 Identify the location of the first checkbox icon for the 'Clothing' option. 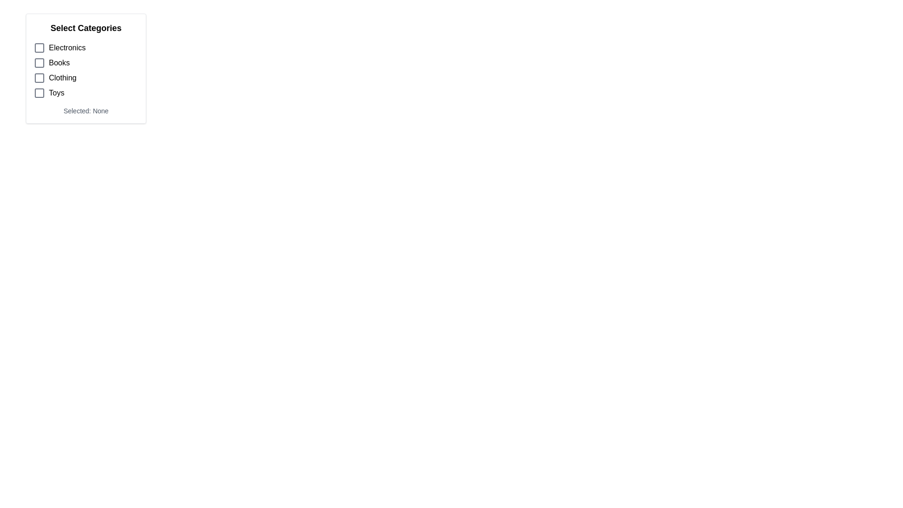
(39, 77).